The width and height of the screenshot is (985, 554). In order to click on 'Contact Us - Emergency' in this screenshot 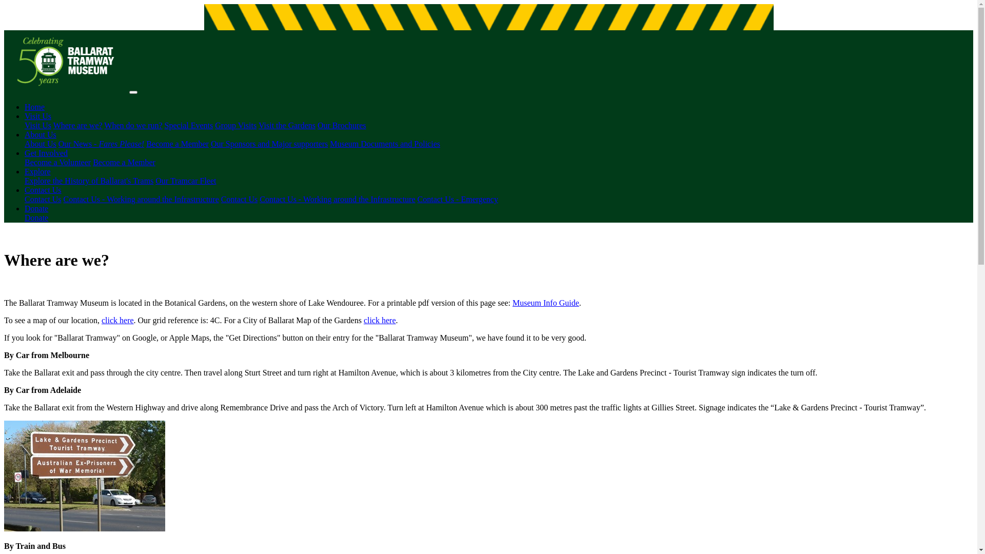, I will do `click(418, 199)`.